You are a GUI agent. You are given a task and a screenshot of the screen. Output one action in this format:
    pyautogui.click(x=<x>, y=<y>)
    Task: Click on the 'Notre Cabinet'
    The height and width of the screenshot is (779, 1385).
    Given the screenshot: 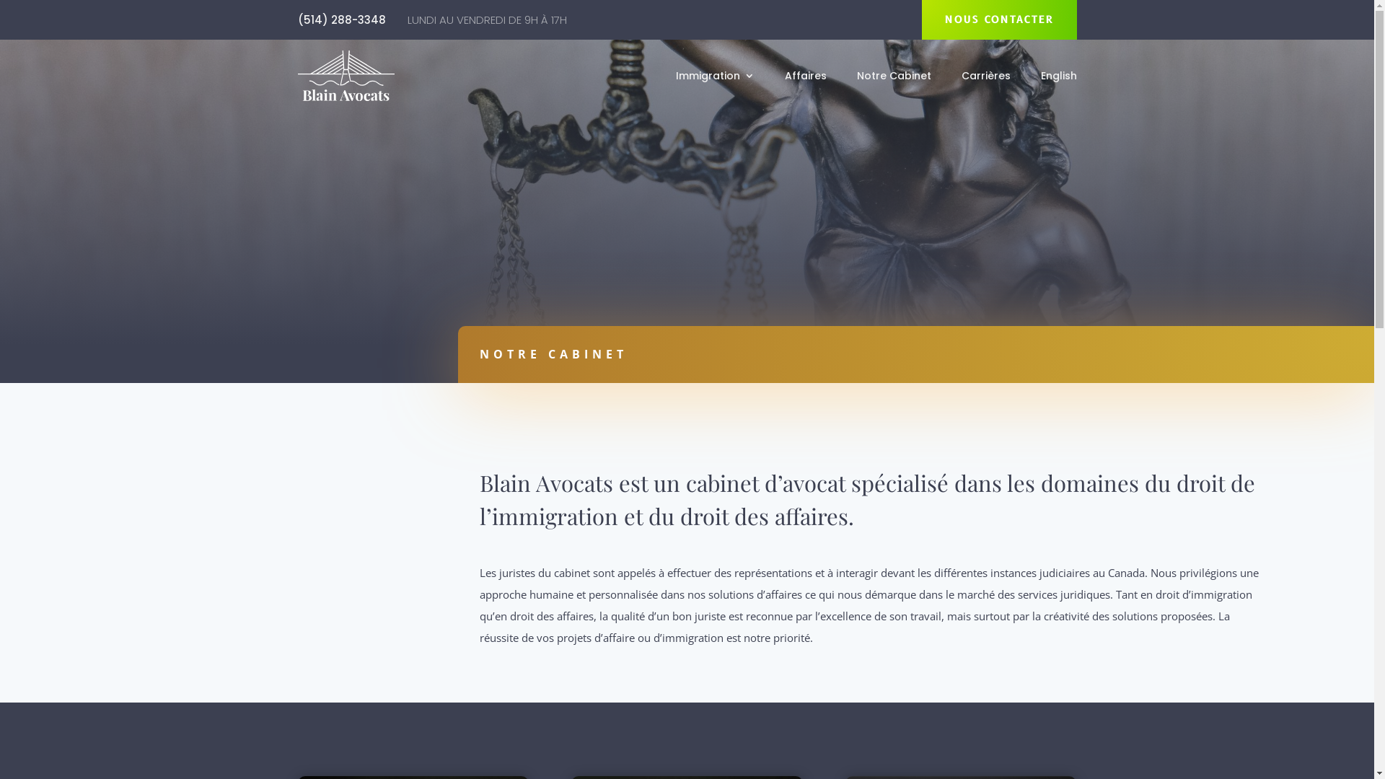 What is the action you would take?
    pyautogui.click(x=893, y=78)
    